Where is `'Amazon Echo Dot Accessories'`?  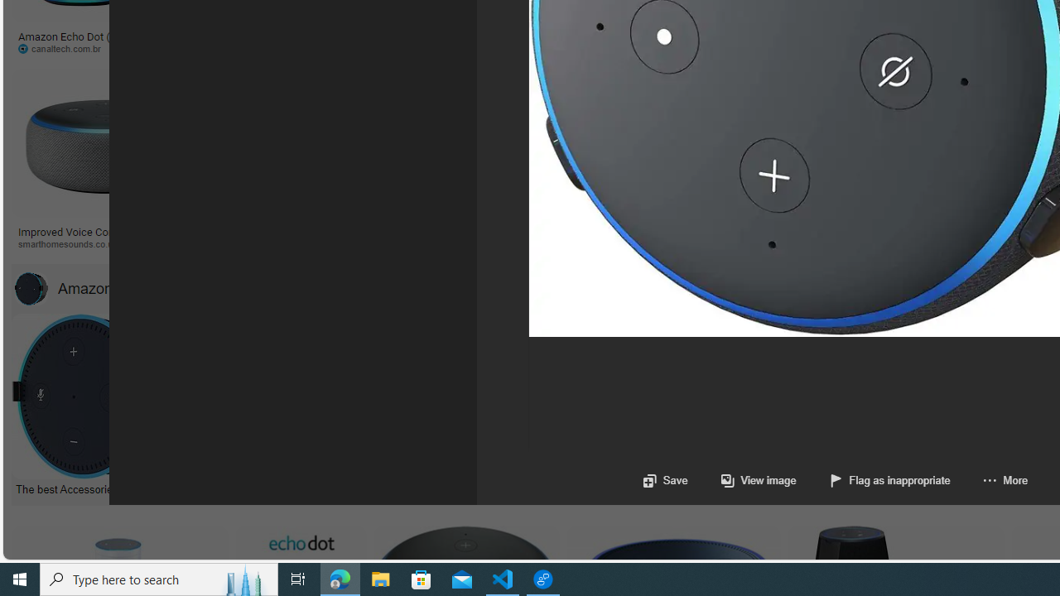 'Amazon Echo Dot Accessories' is located at coordinates (31, 287).